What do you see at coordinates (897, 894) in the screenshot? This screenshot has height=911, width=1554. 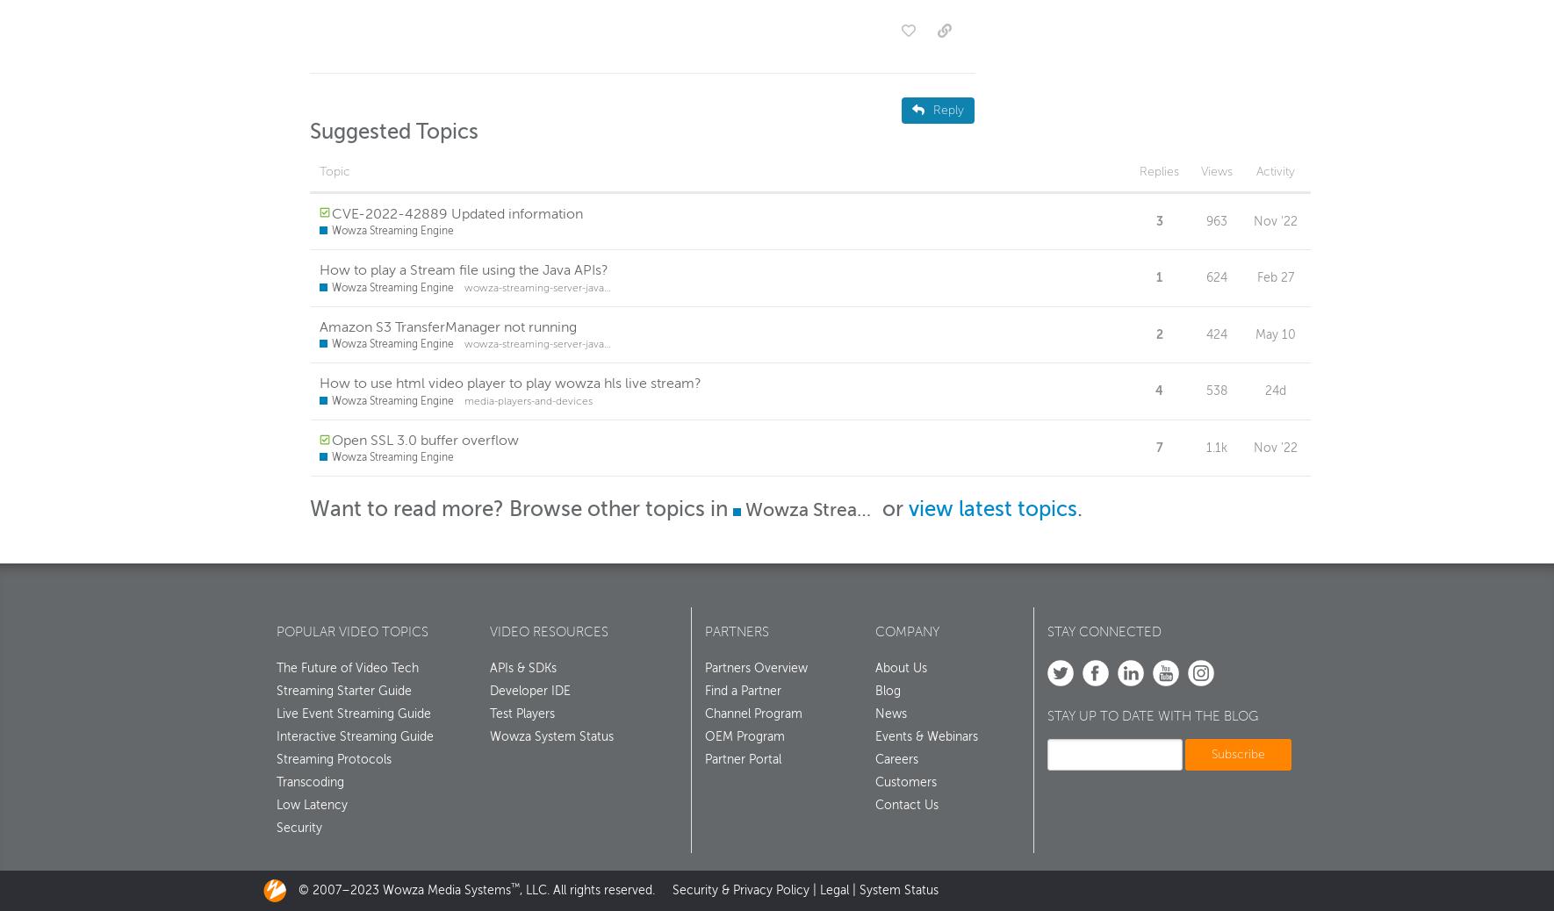 I see `'System Status'` at bounding box center [897, 894].